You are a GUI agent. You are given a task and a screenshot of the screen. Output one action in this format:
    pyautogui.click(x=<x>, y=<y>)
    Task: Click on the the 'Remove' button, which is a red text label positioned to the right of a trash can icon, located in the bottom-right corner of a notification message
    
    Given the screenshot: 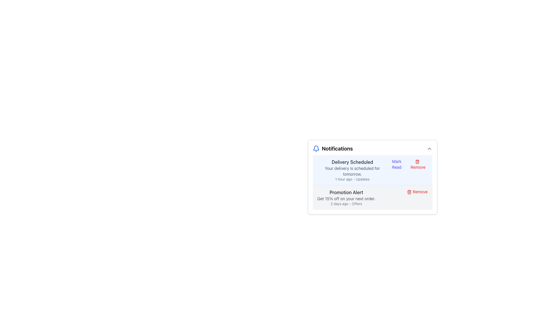 What is the action you would take?
    pyautogui.click(x=418, y=164)
    